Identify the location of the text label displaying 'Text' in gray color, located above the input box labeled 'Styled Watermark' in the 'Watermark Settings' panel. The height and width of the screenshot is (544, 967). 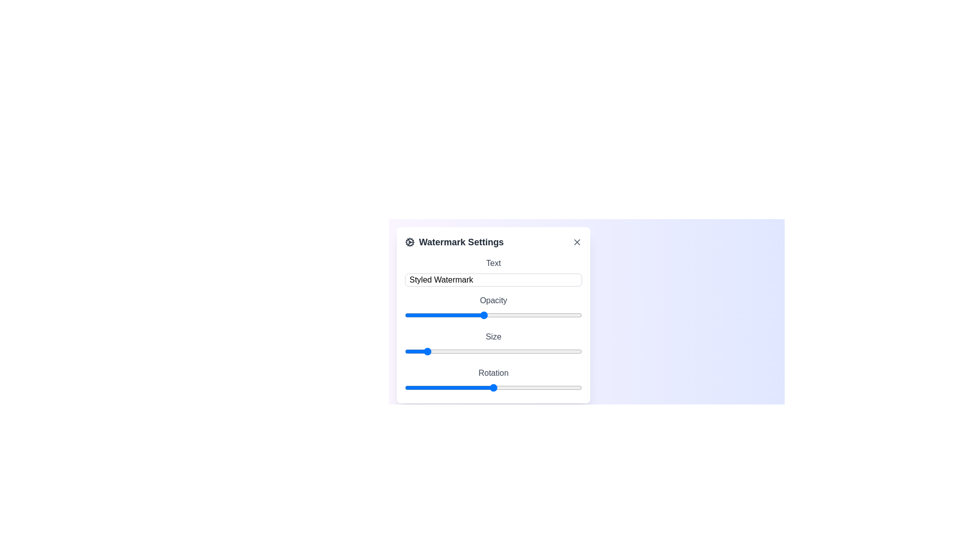
(493, 263).